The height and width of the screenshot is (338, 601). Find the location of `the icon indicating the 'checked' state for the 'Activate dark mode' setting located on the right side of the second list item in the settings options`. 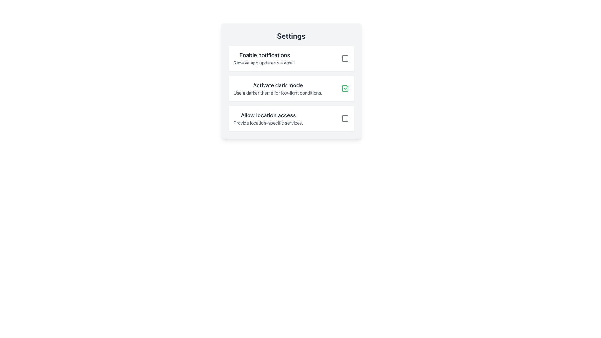

the icon indicating the 'checked' state for the 'Activate dark mode' setting located on the right side of the second list item in the settings options is located at coordinates (346, 88).